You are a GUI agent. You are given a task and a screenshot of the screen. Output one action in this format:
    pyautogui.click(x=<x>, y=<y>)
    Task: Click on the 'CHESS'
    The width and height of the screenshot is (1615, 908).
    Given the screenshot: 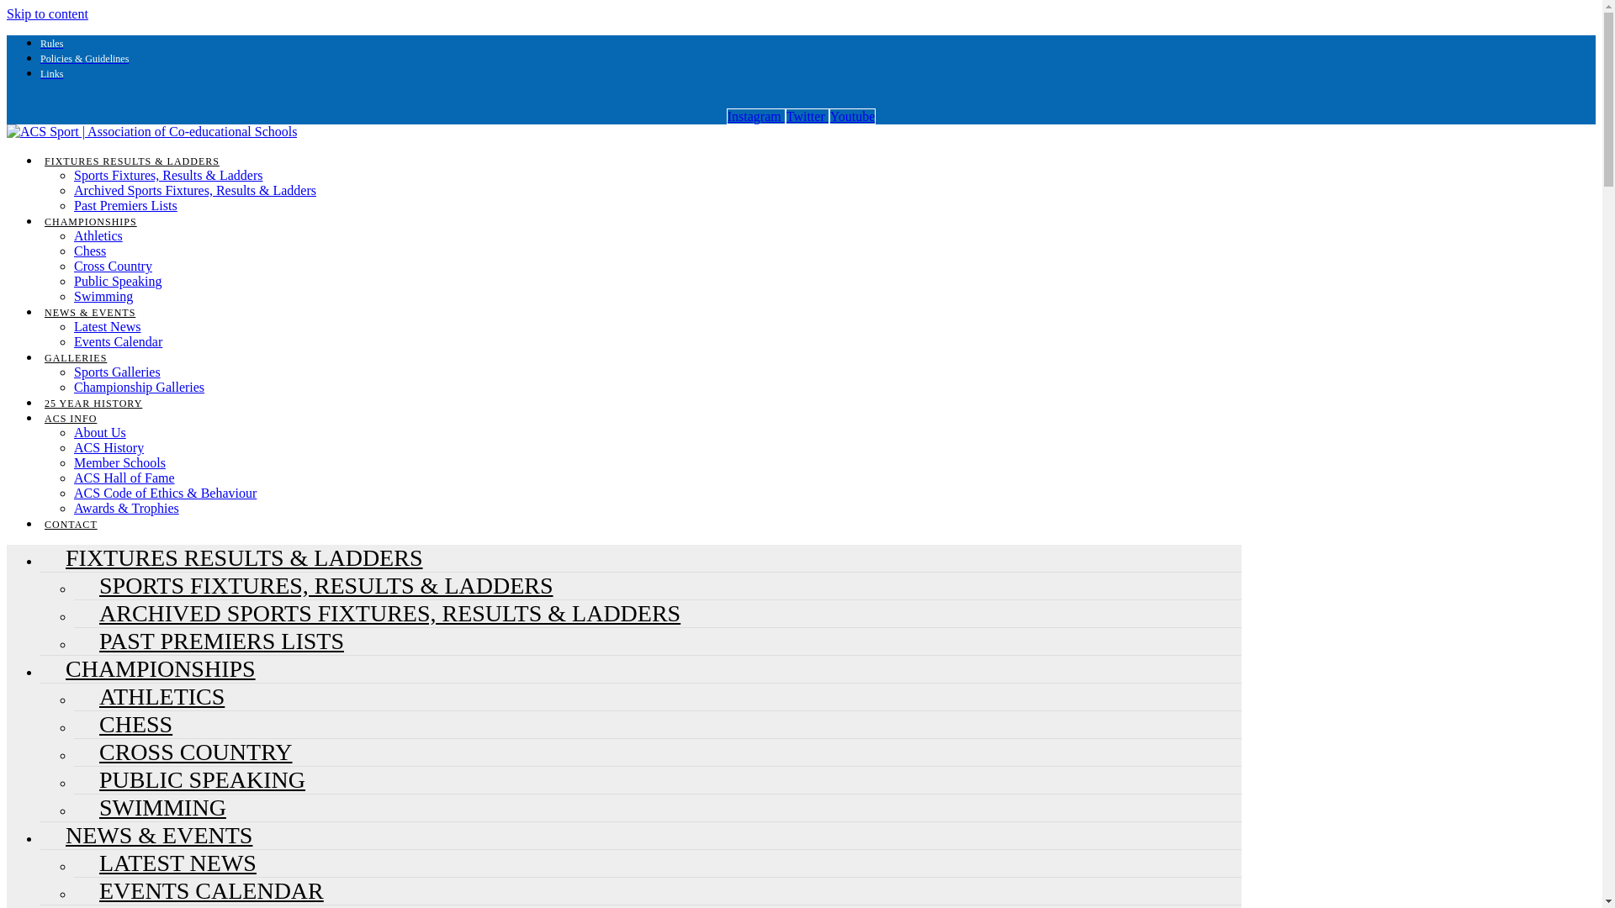 What is the action you would take?
    pyautogui.click(x=122, y=723)
    